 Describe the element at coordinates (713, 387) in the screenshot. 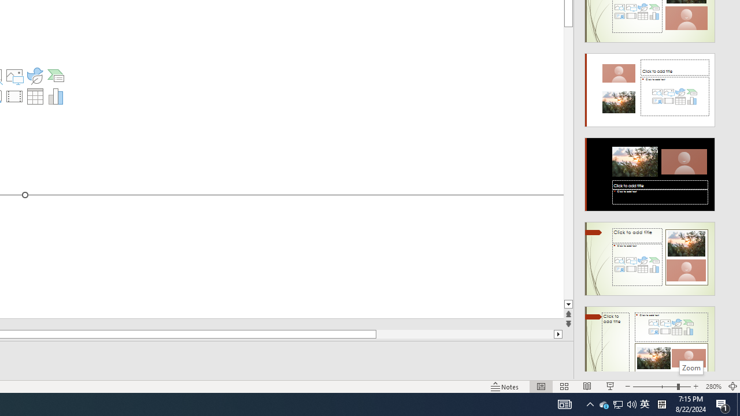

I see `'Zoom 280%'` at that location.